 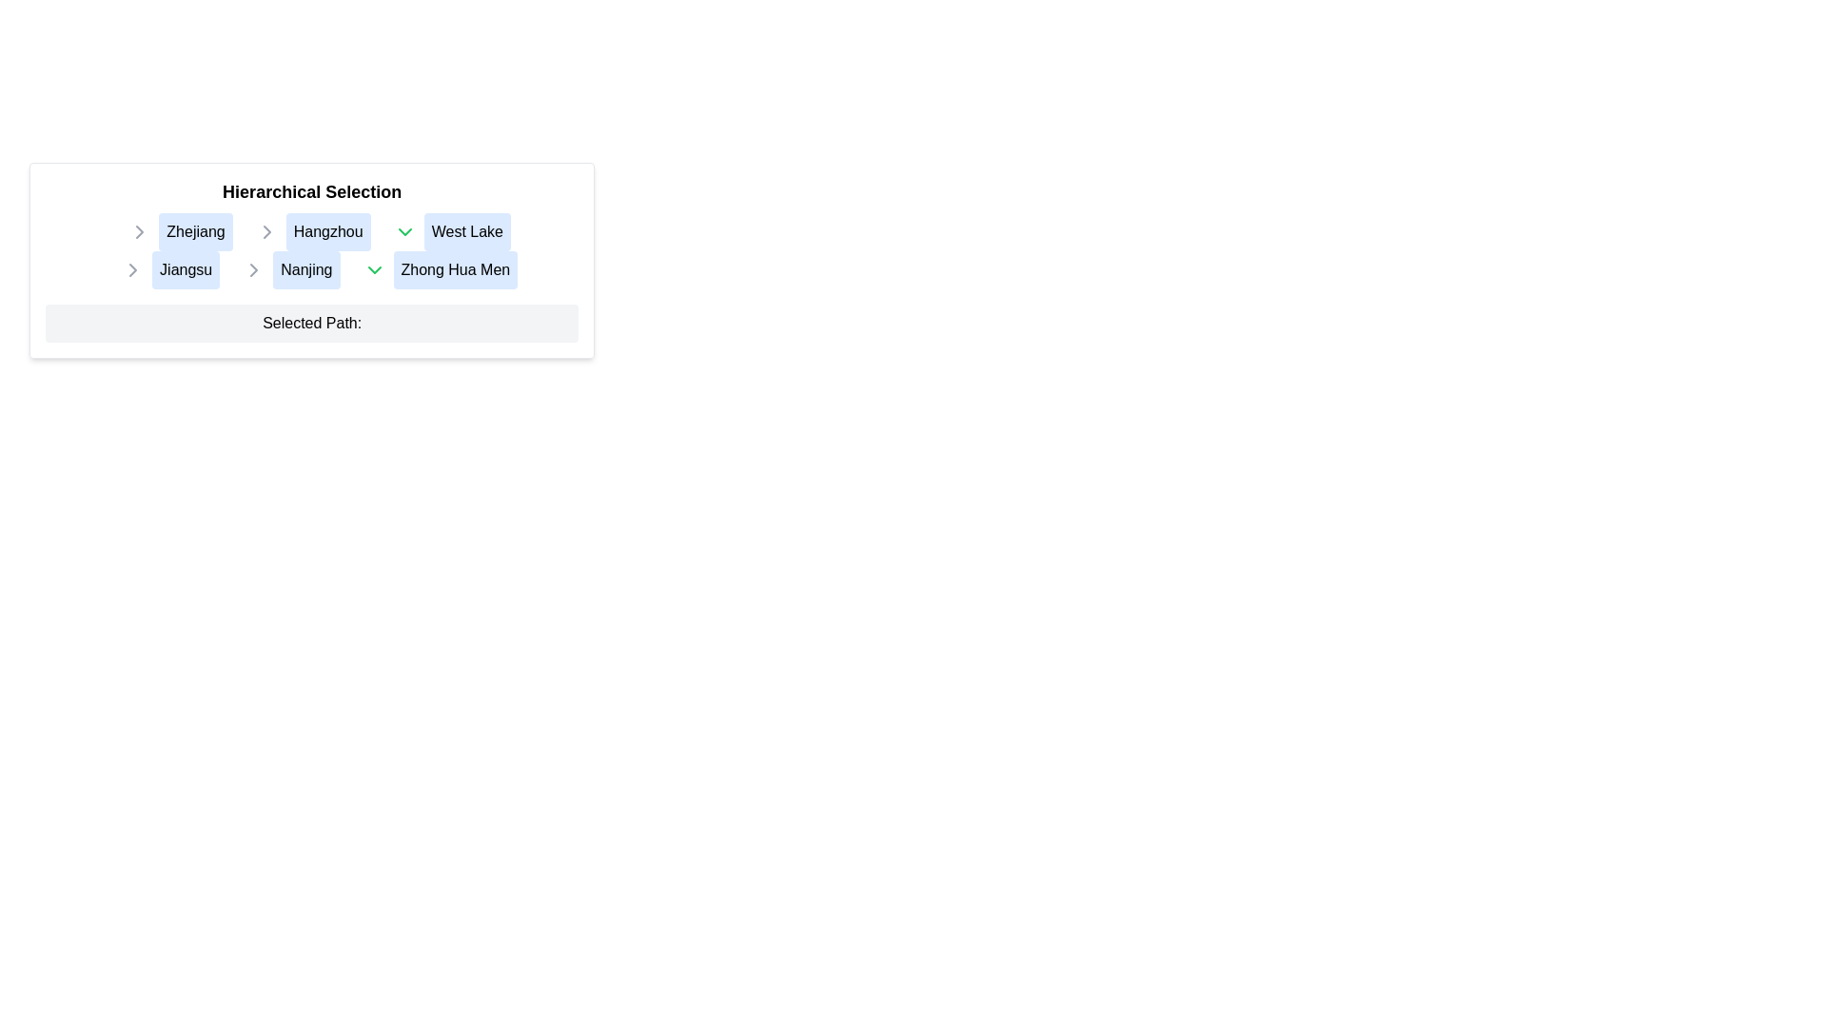 I want to click on the interactive button, so click(x=328, y=230).